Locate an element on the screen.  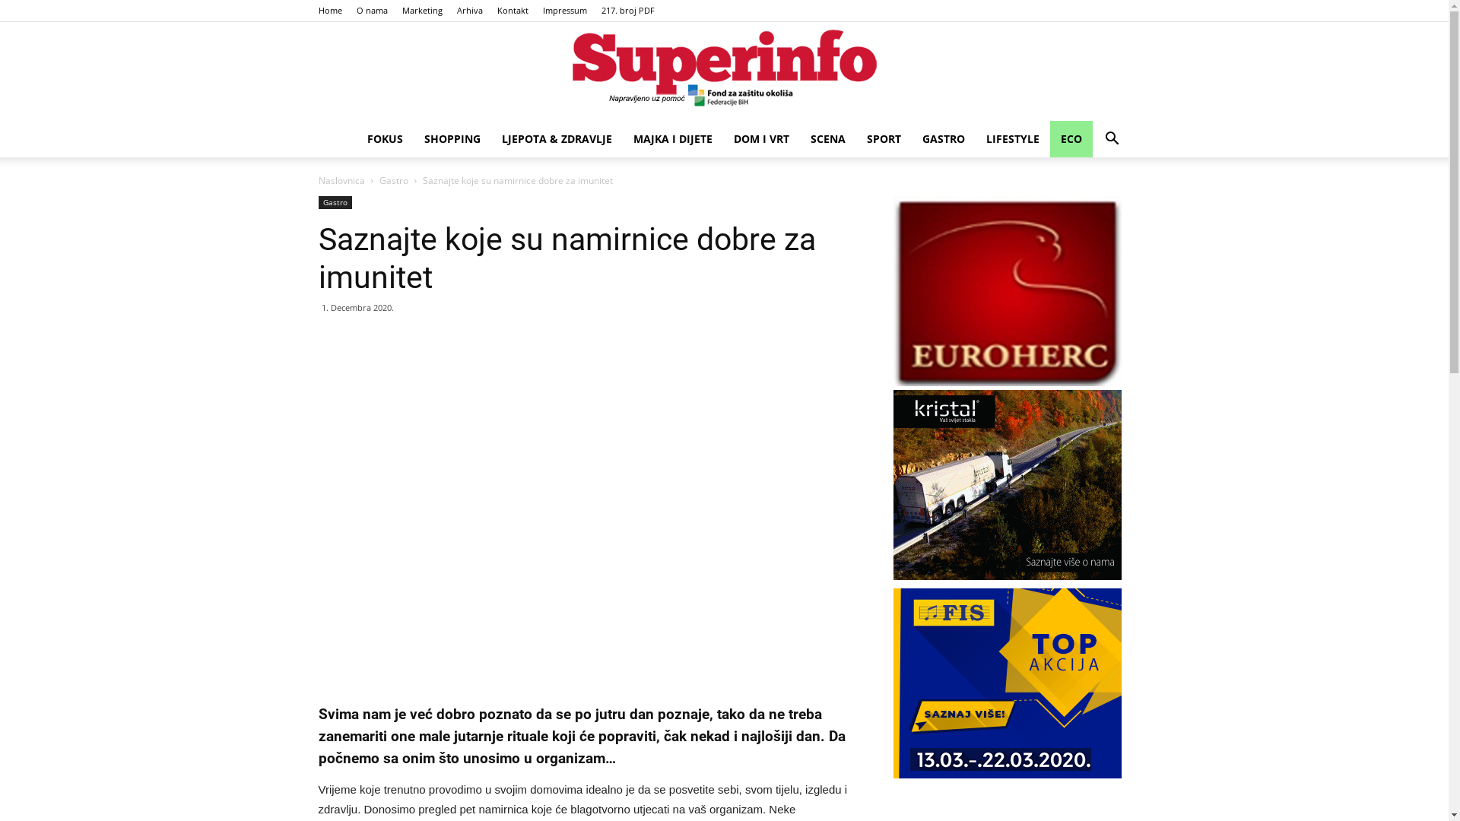
'Superinfo' is located at coordinates (723, 72).